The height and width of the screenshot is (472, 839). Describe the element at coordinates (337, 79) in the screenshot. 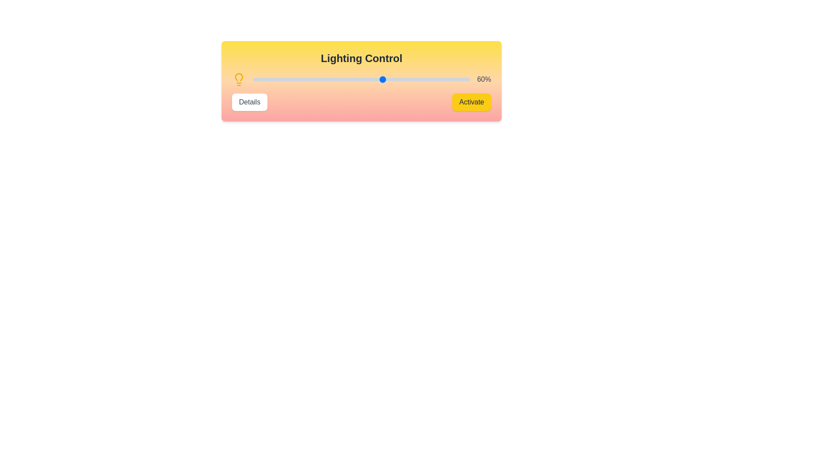

I see `the lighting intensity to 39% by interacting with the slider` at that location.